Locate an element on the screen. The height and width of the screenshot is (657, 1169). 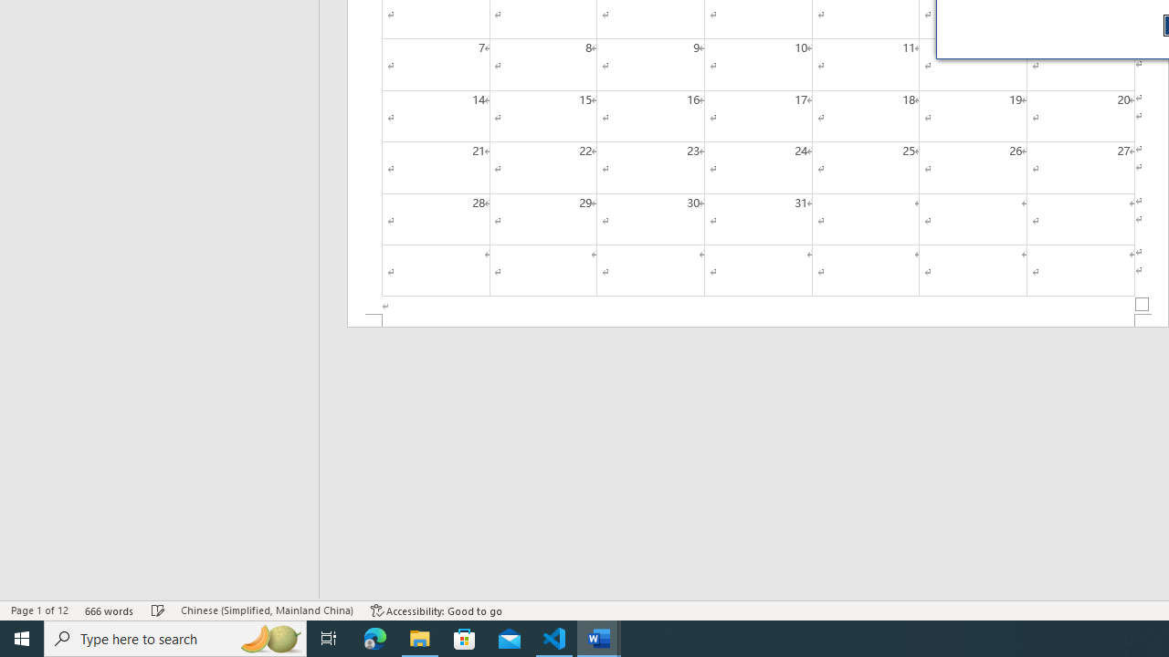
'Page Number Page 1 of 12' is located at coordinates (39, 610).